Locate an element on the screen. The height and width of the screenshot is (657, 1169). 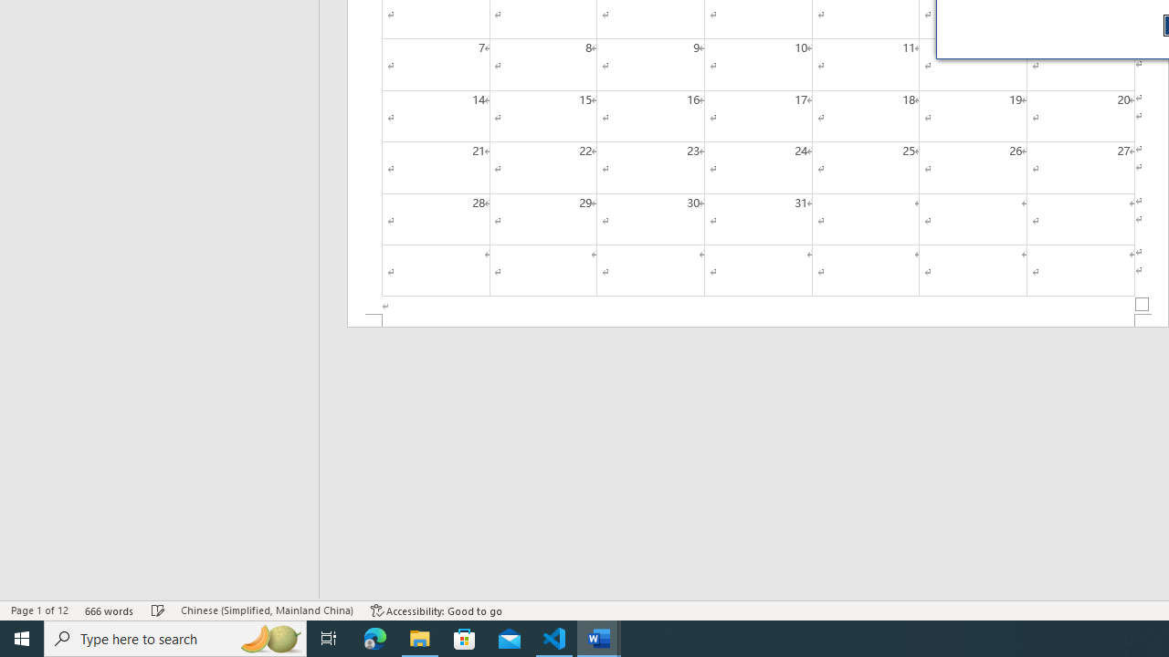
'Page Number Page 1 of 12' is located at coordinates (39, 610).